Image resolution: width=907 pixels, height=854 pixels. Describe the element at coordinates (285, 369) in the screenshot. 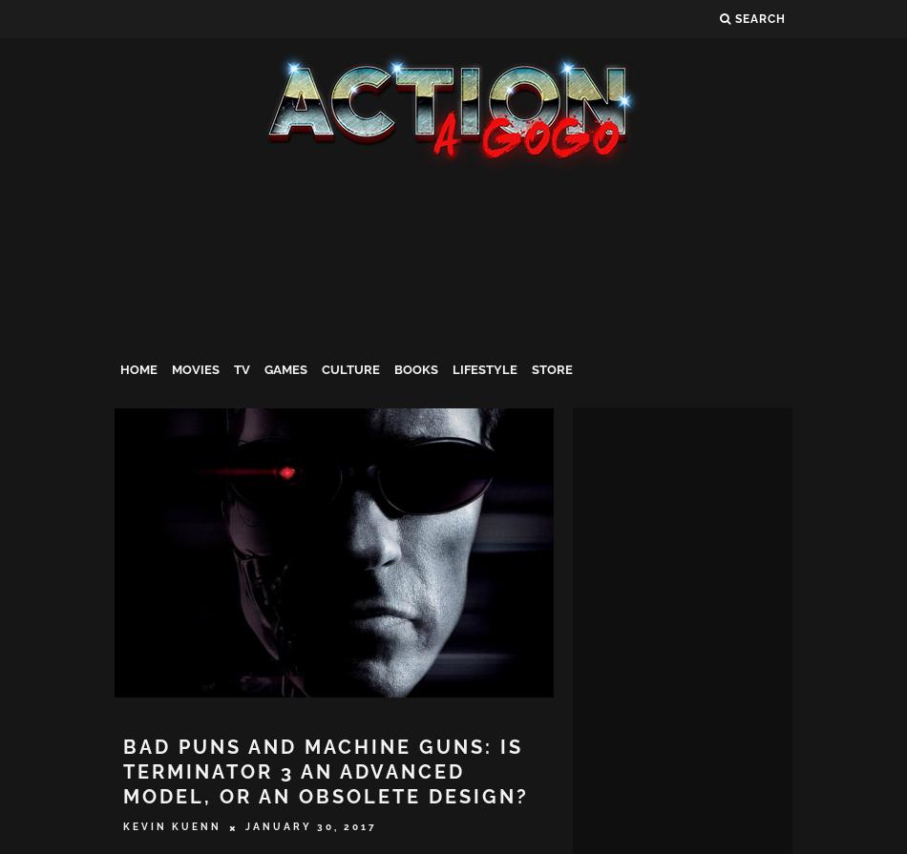

I see `'Games'` at that location.